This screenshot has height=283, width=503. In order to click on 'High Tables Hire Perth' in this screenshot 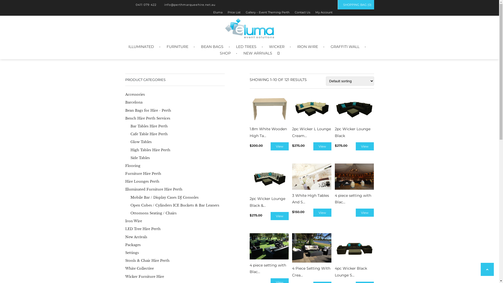, I will do `click(130, 150)`.